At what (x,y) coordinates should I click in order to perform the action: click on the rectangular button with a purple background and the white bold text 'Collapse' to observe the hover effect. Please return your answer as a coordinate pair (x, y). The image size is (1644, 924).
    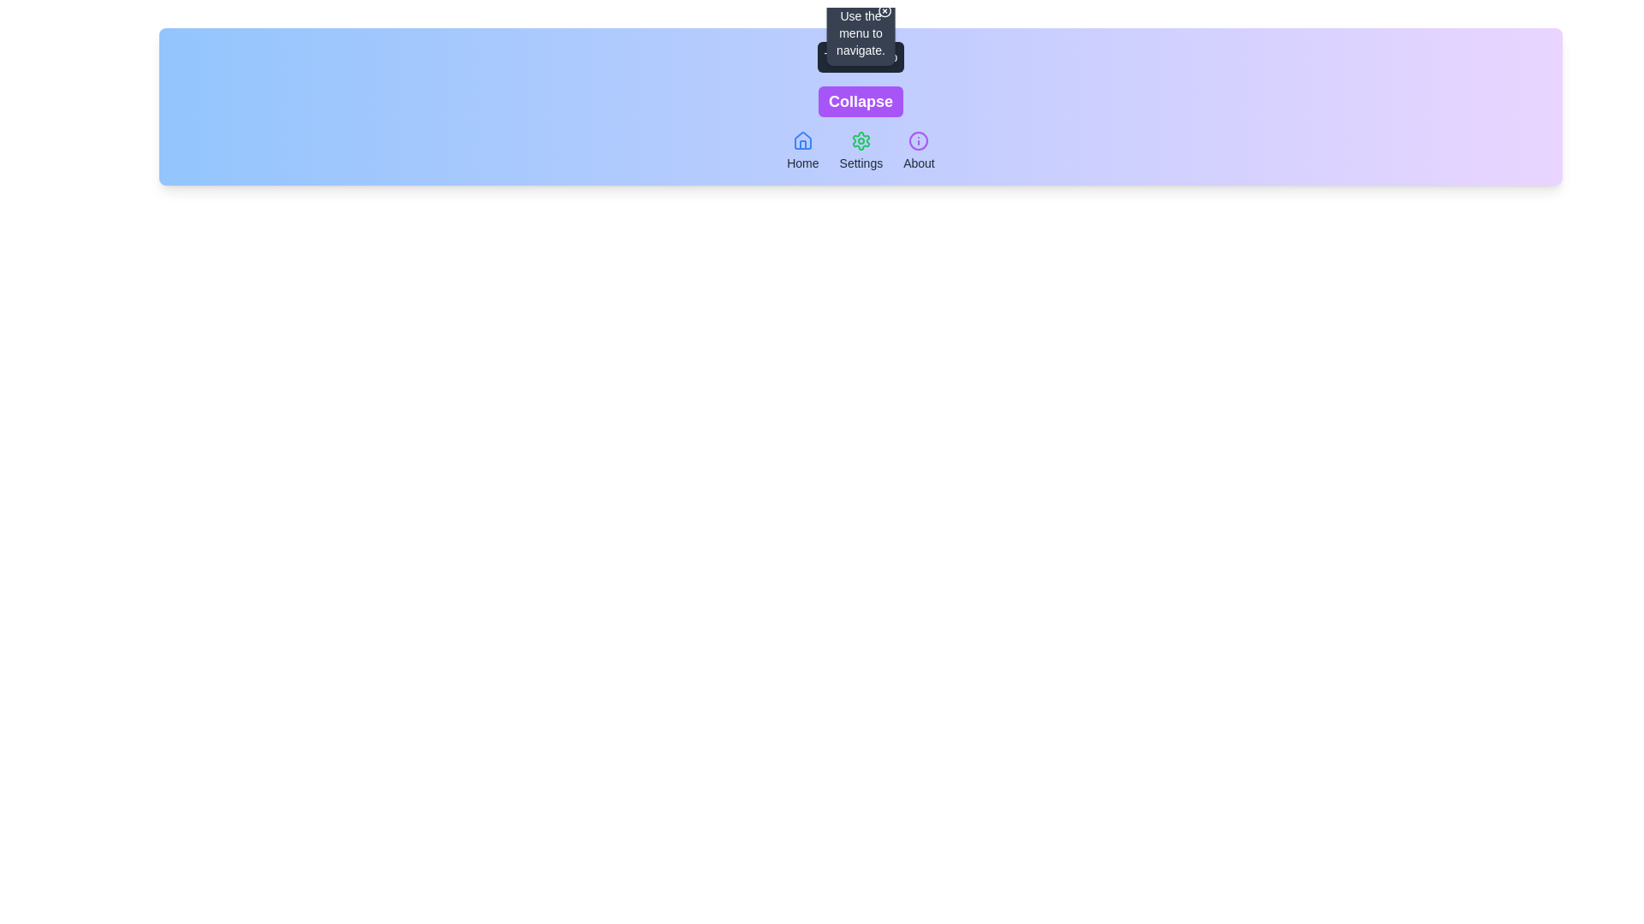
    Looking at the image, I should click on (861, 102).